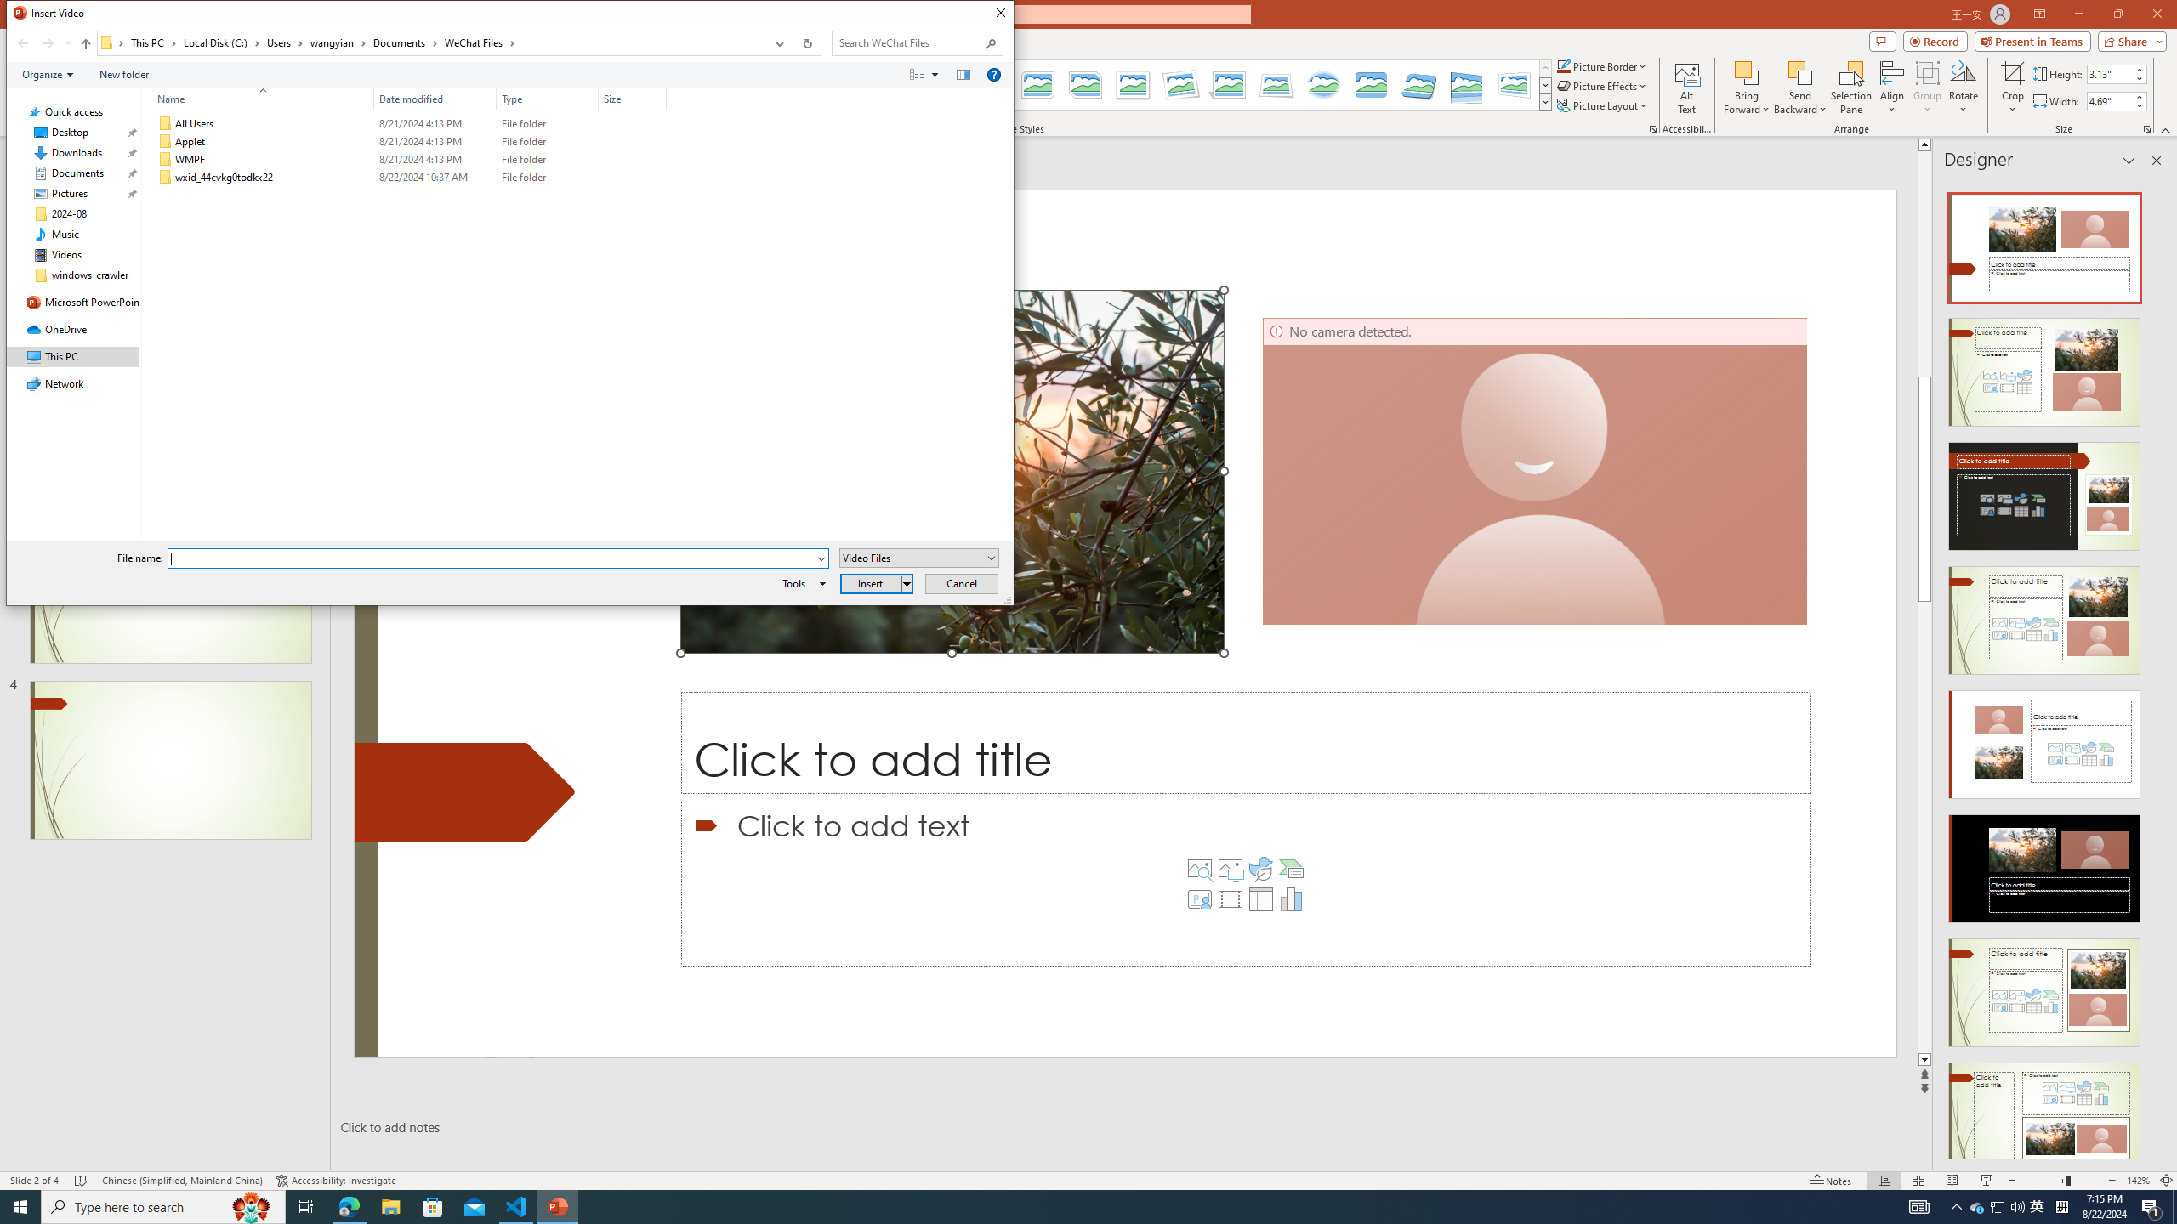 Image resolution: width=2177 pixels, height=1224 pixels. What do you see at coordinates (1927, 88) in the screenshot?
I see `'Group'` at bounding box center [1927, 88].